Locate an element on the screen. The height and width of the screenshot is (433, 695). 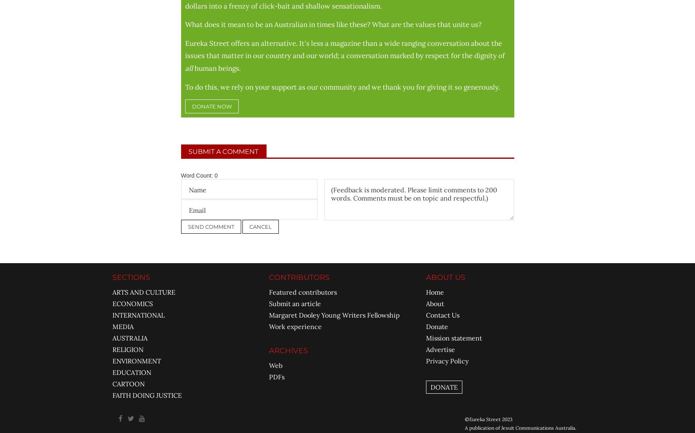
'Mission statement' is located at coordinates (453, 337).